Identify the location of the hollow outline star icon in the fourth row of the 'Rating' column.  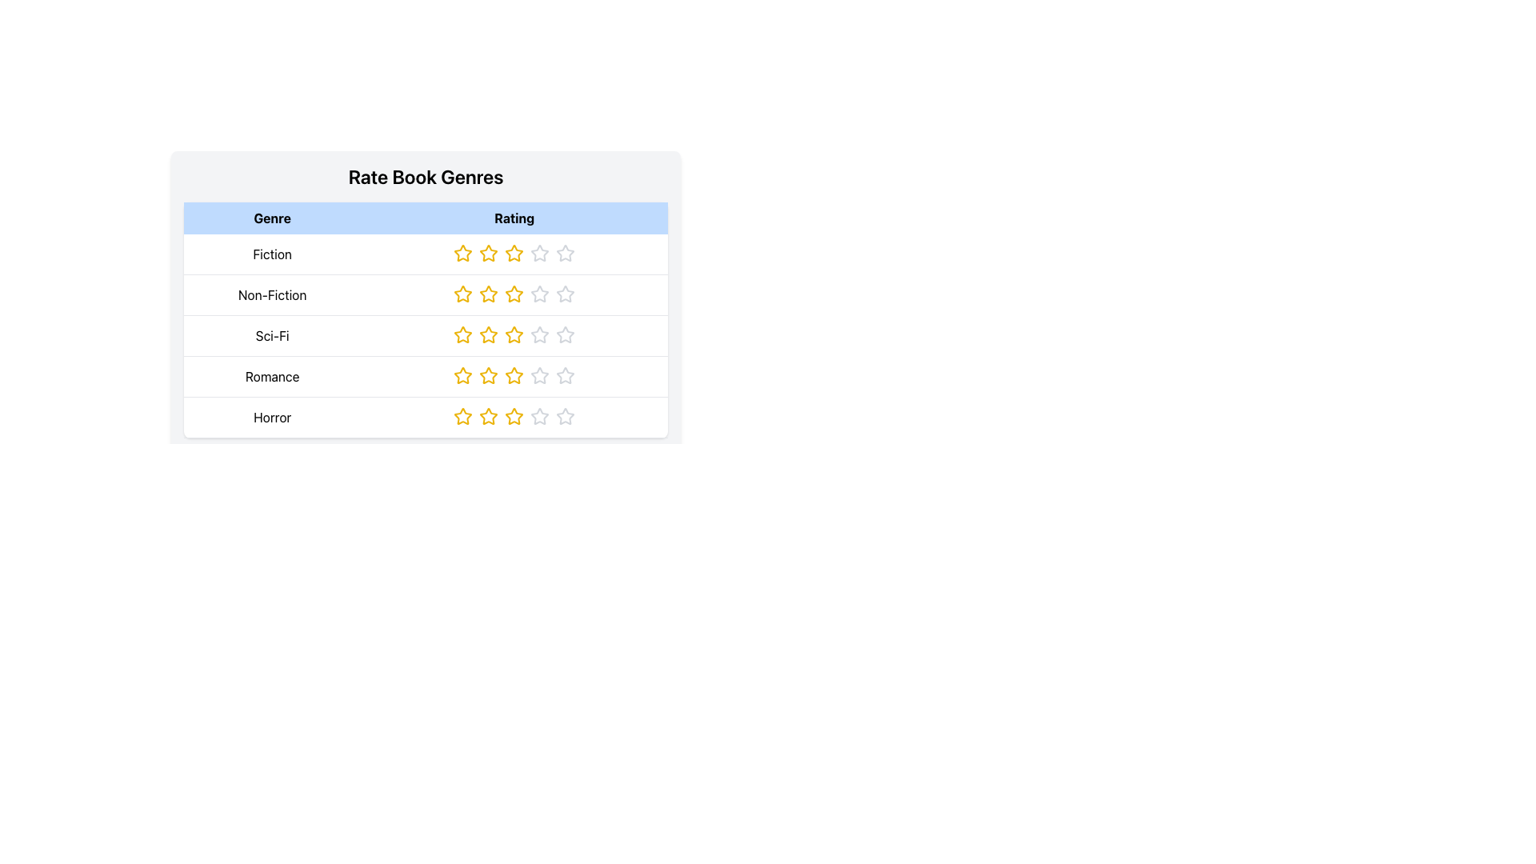
(566, 375).